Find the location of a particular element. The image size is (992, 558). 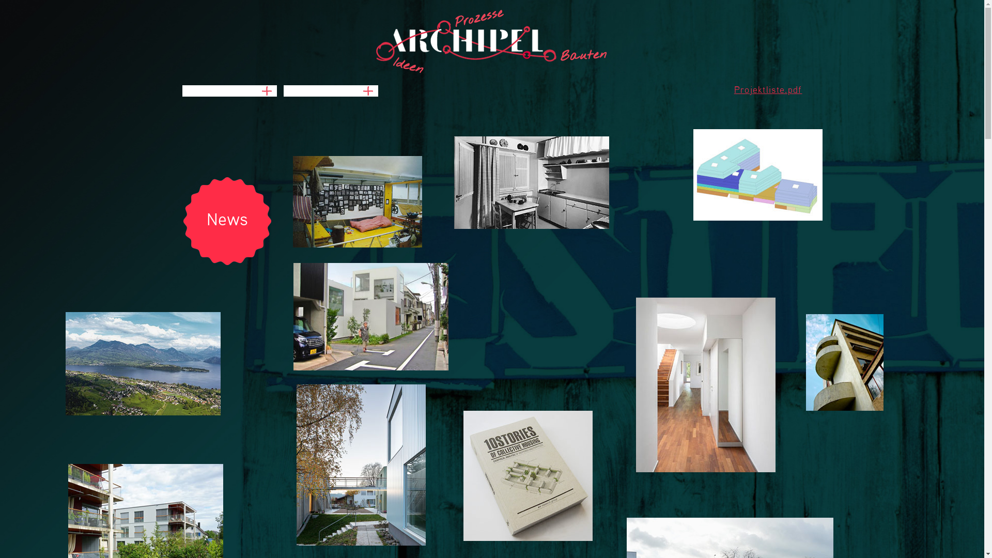

'Projektliste.pdf' is located at coordinates (768, 89).